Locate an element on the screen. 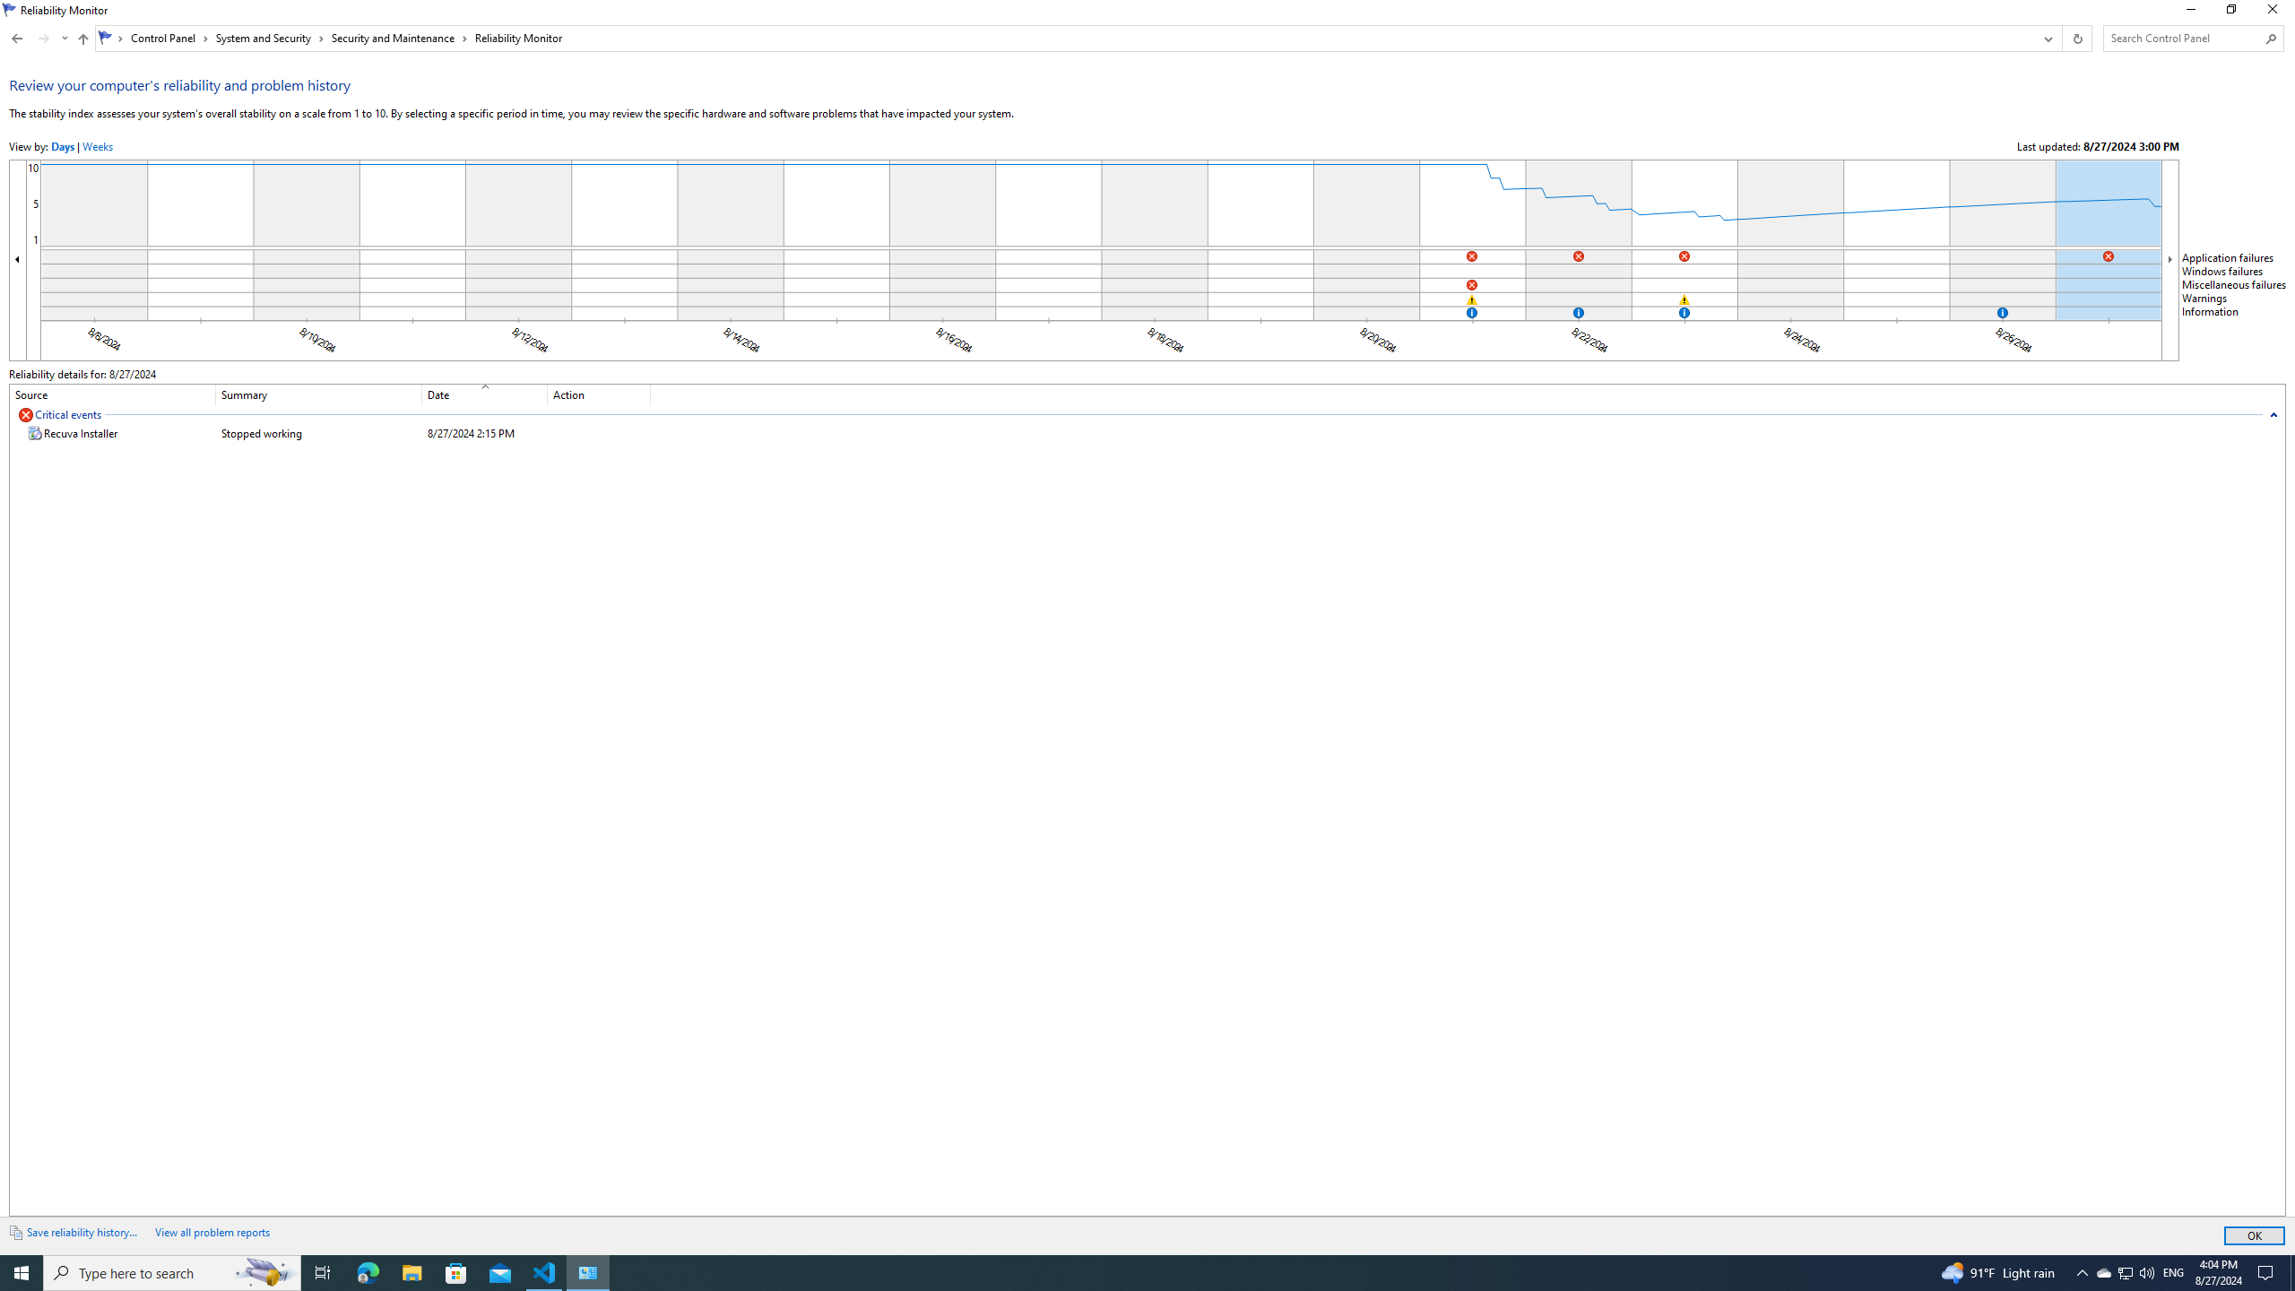  'Up to "Security and Maintenance" (Alt + Up Arrow)' is located at coordinates (83, 38).